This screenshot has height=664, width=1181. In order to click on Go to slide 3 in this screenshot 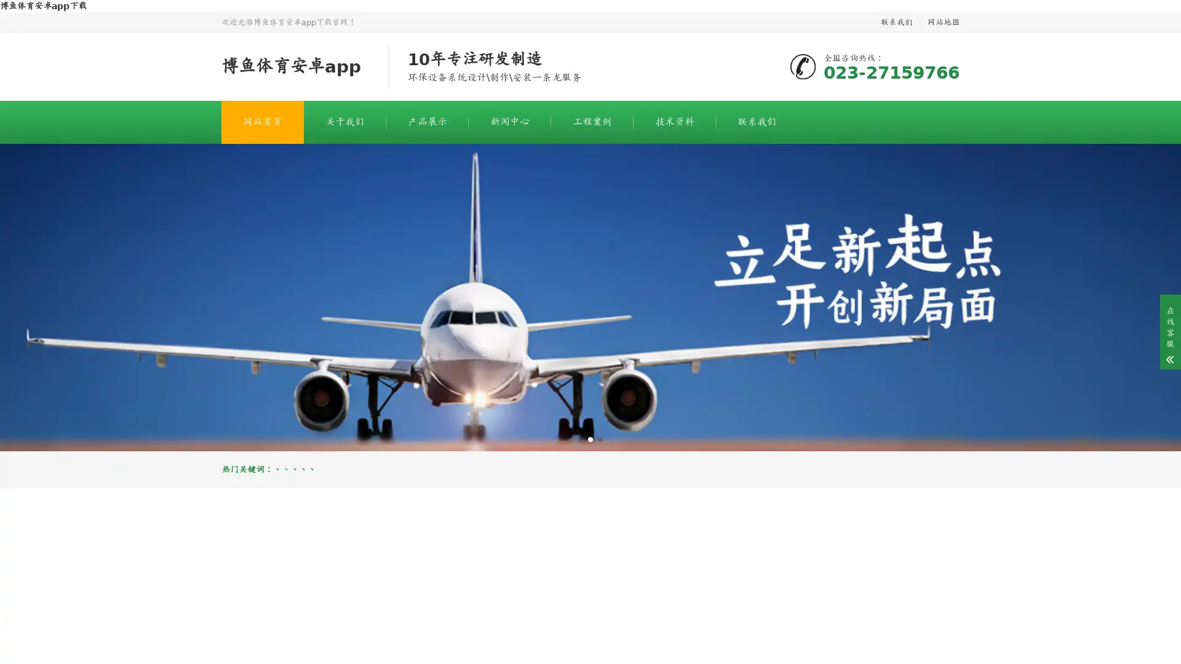, I will do `click(600, 438)`.